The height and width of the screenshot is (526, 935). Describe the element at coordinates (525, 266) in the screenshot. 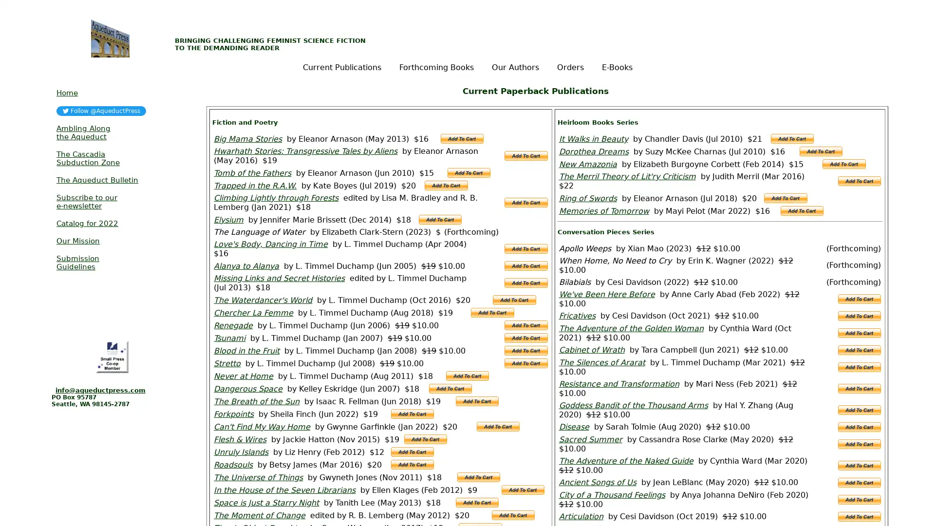

I see `Make payments with PayPal - it\'s fast, free and secure!` at that location.